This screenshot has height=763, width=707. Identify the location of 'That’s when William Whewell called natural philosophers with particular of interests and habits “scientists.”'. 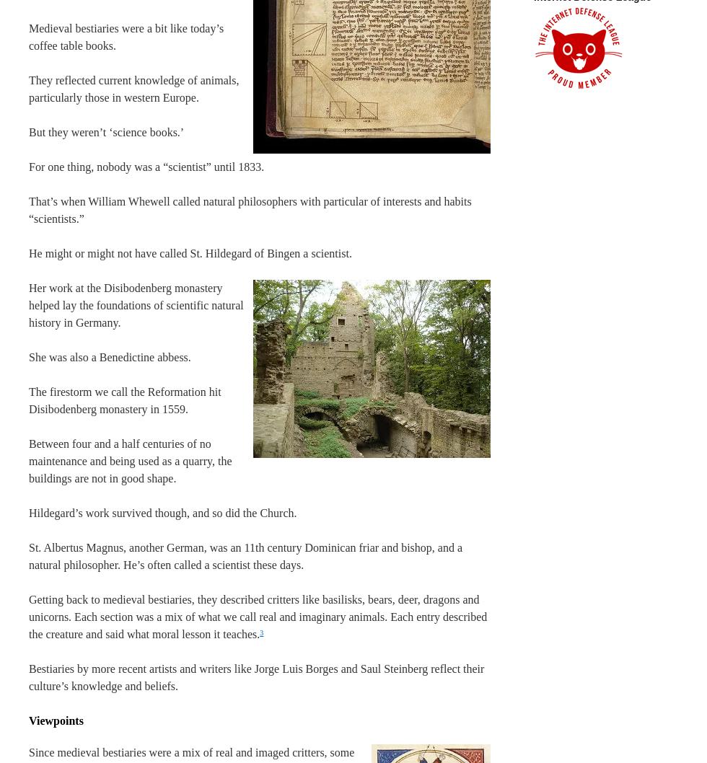
(250, 209).